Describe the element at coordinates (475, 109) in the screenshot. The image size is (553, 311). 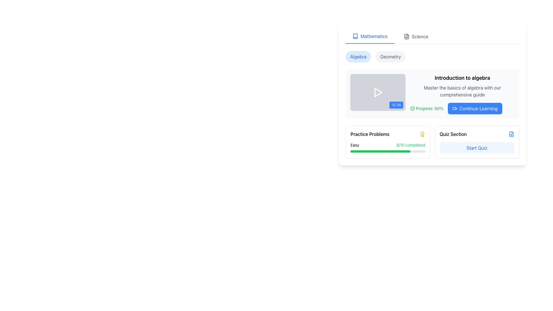
I see `the rectangular button with a blue background and white text that reads 'Continue Learning', located at the bottom right of the content box, following the green progress indicator labeled 'Progress: 60%'` at that location.